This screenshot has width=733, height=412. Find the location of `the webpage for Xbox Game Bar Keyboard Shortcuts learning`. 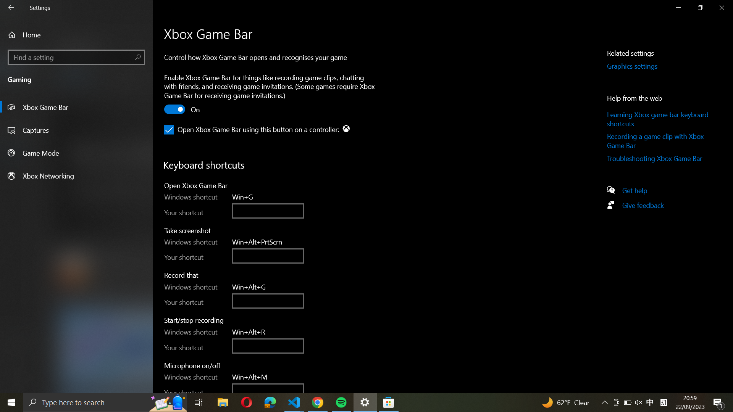

the webpage for Xbox Game Bar Keyboard Shortcuts learning is located at coordinates (659, 119).